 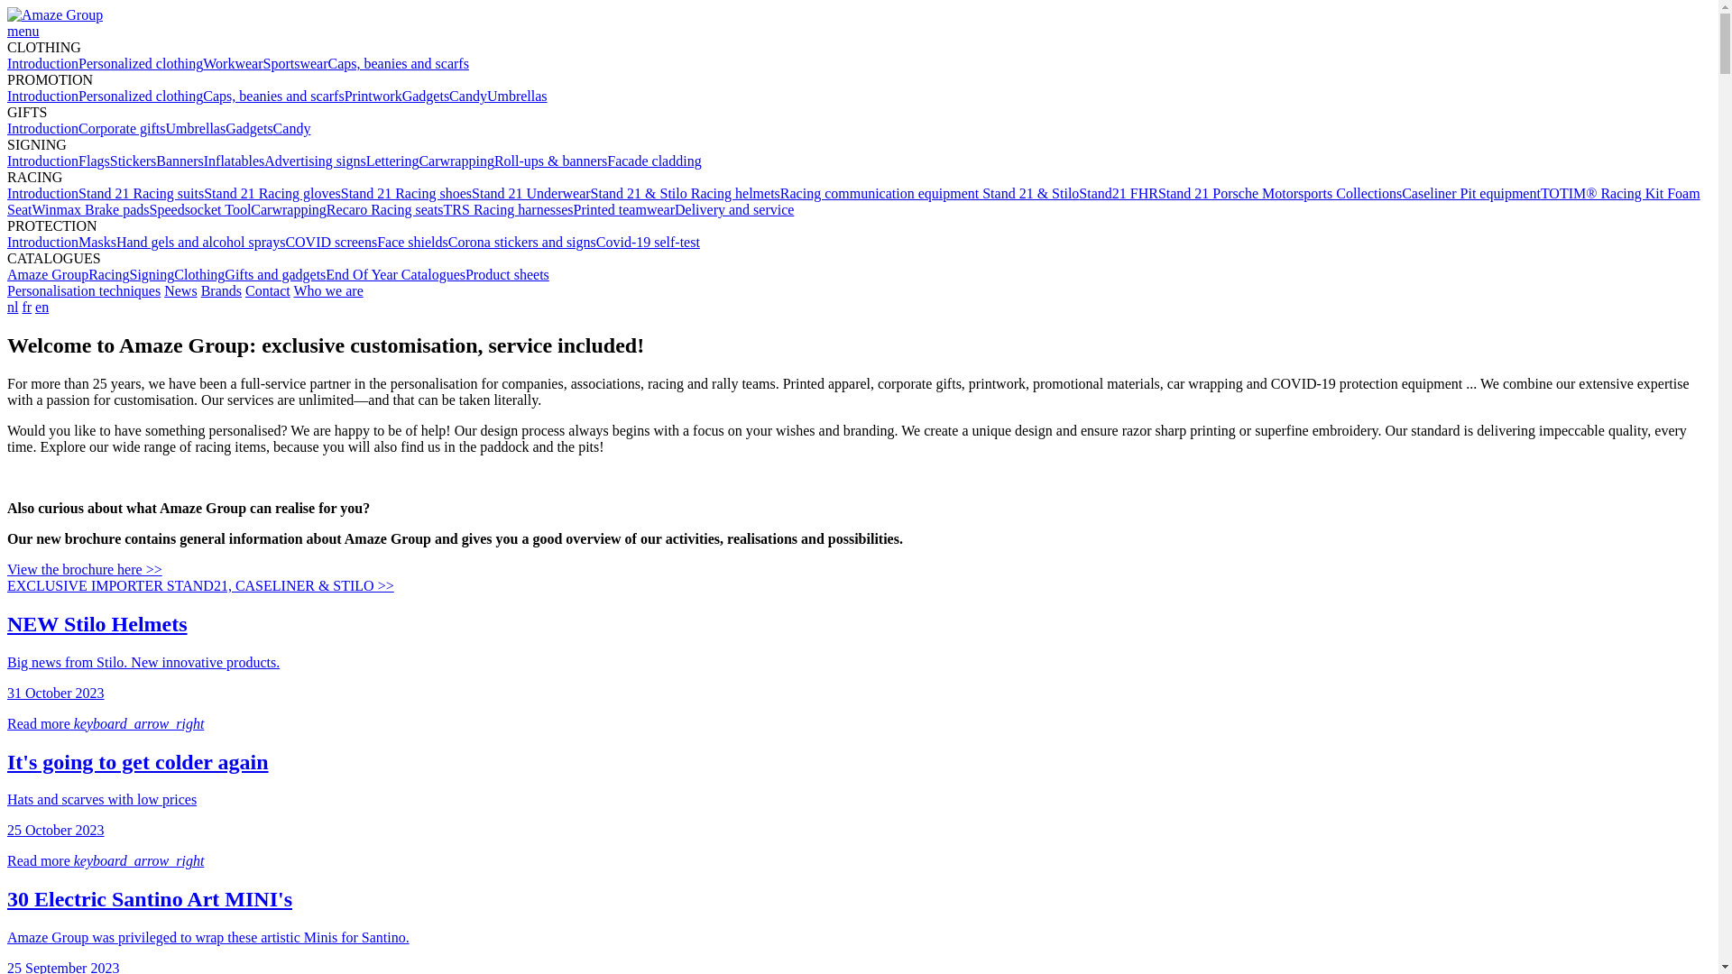 What do you see at coordinates (734, 208) in the screenshot?
I see `'Delivery and service'` at bounding box center [734, 208].